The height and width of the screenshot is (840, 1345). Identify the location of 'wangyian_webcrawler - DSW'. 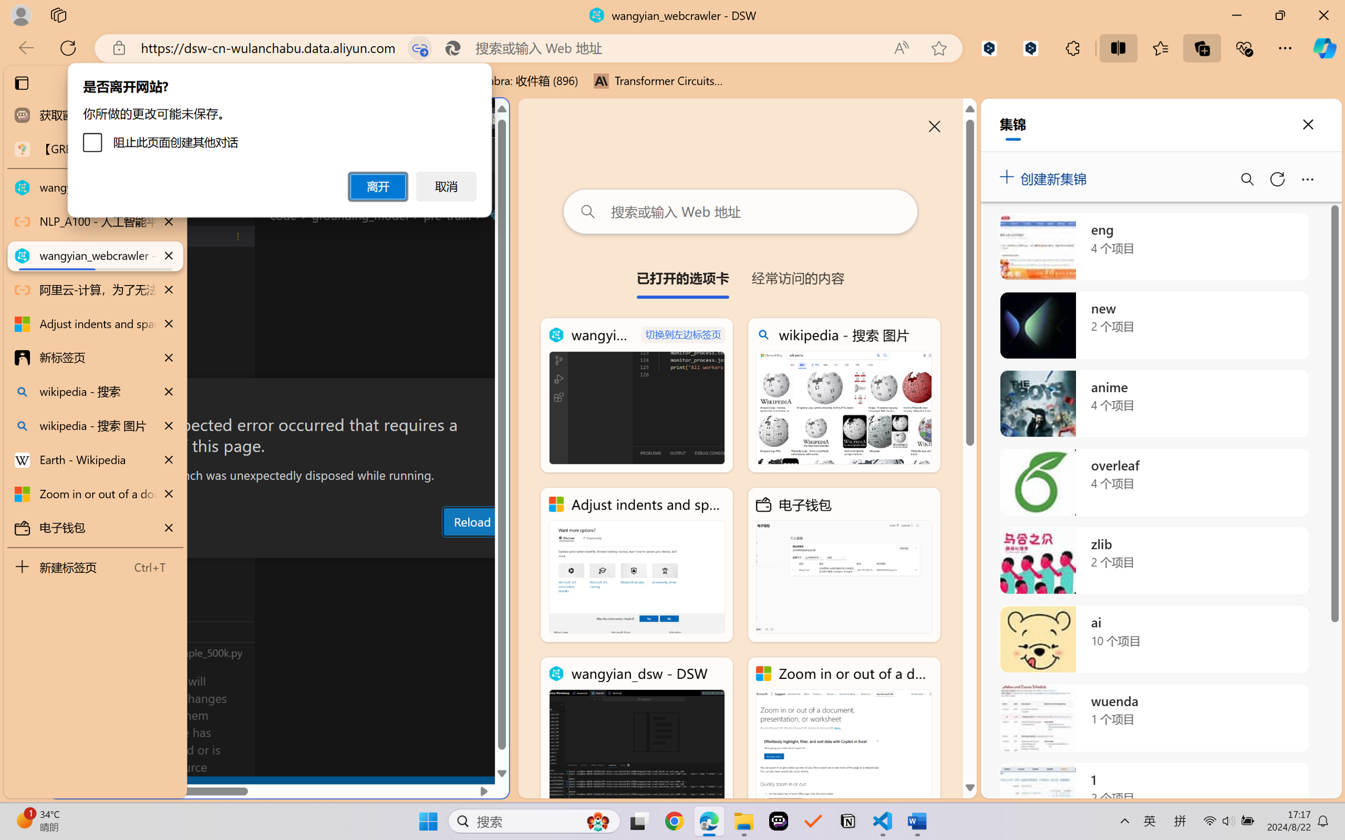
(636, 396).